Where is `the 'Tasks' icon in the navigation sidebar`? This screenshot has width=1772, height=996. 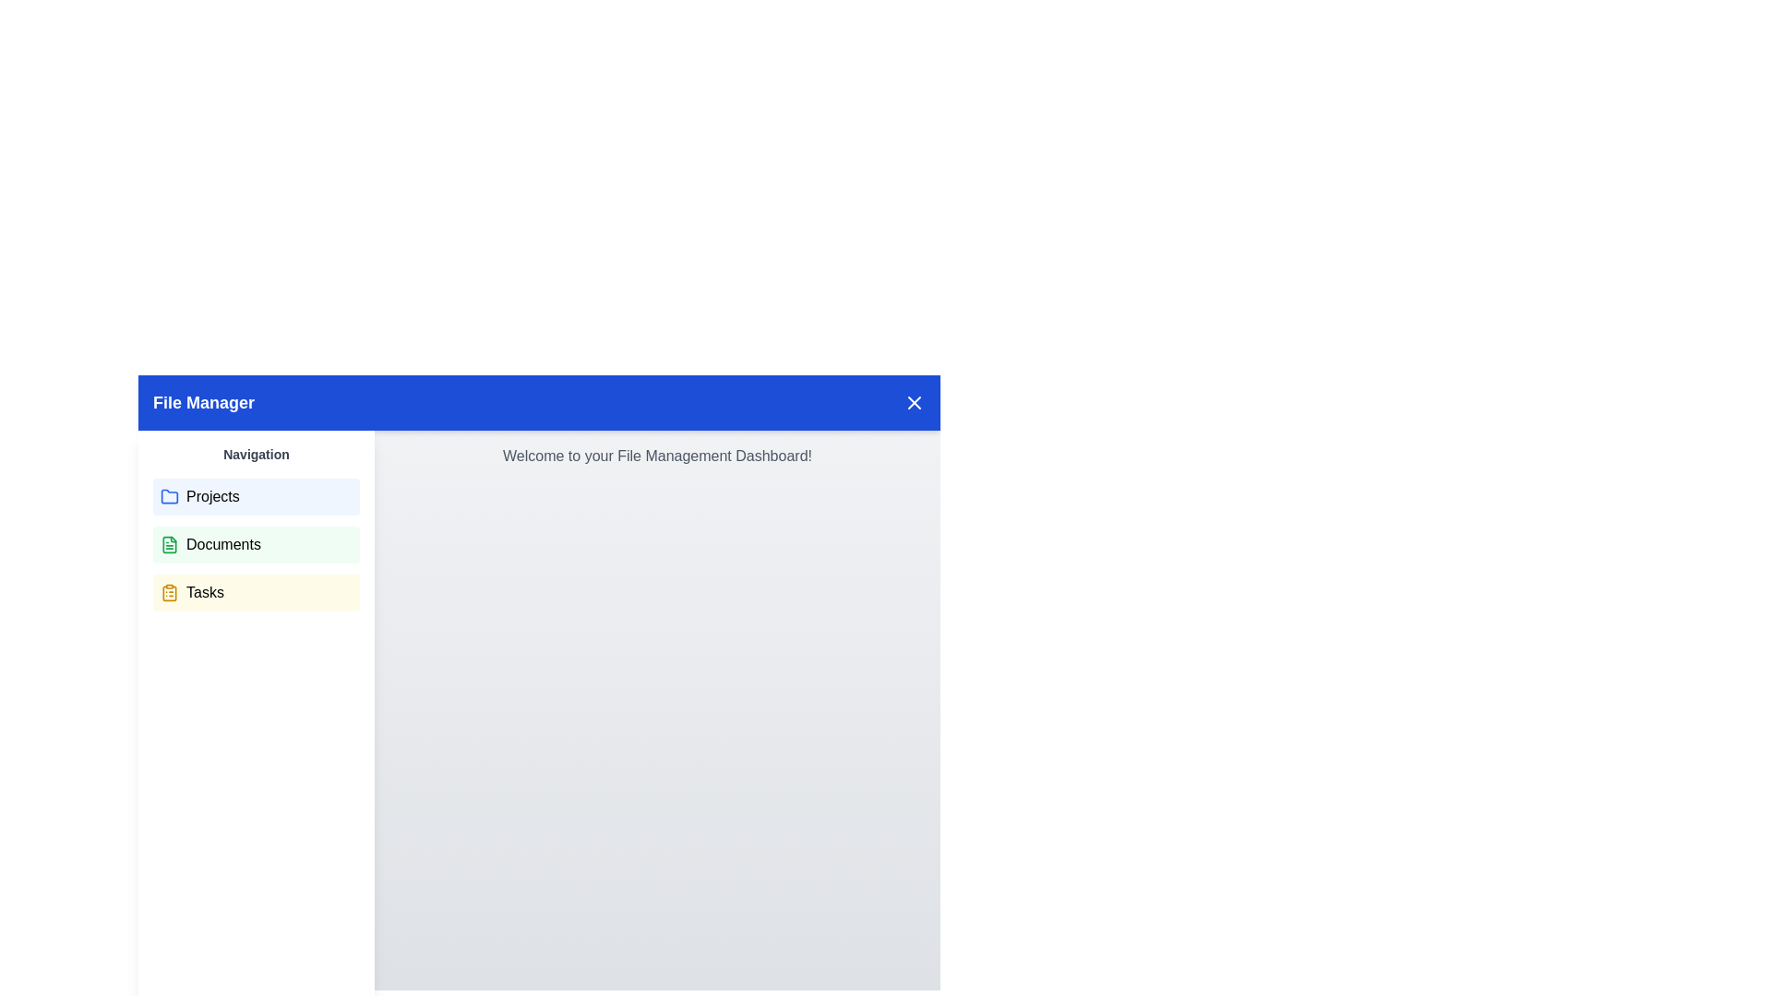 the 'Tasks' icon in the navigation sidebar is located at coordinates (169, 593).